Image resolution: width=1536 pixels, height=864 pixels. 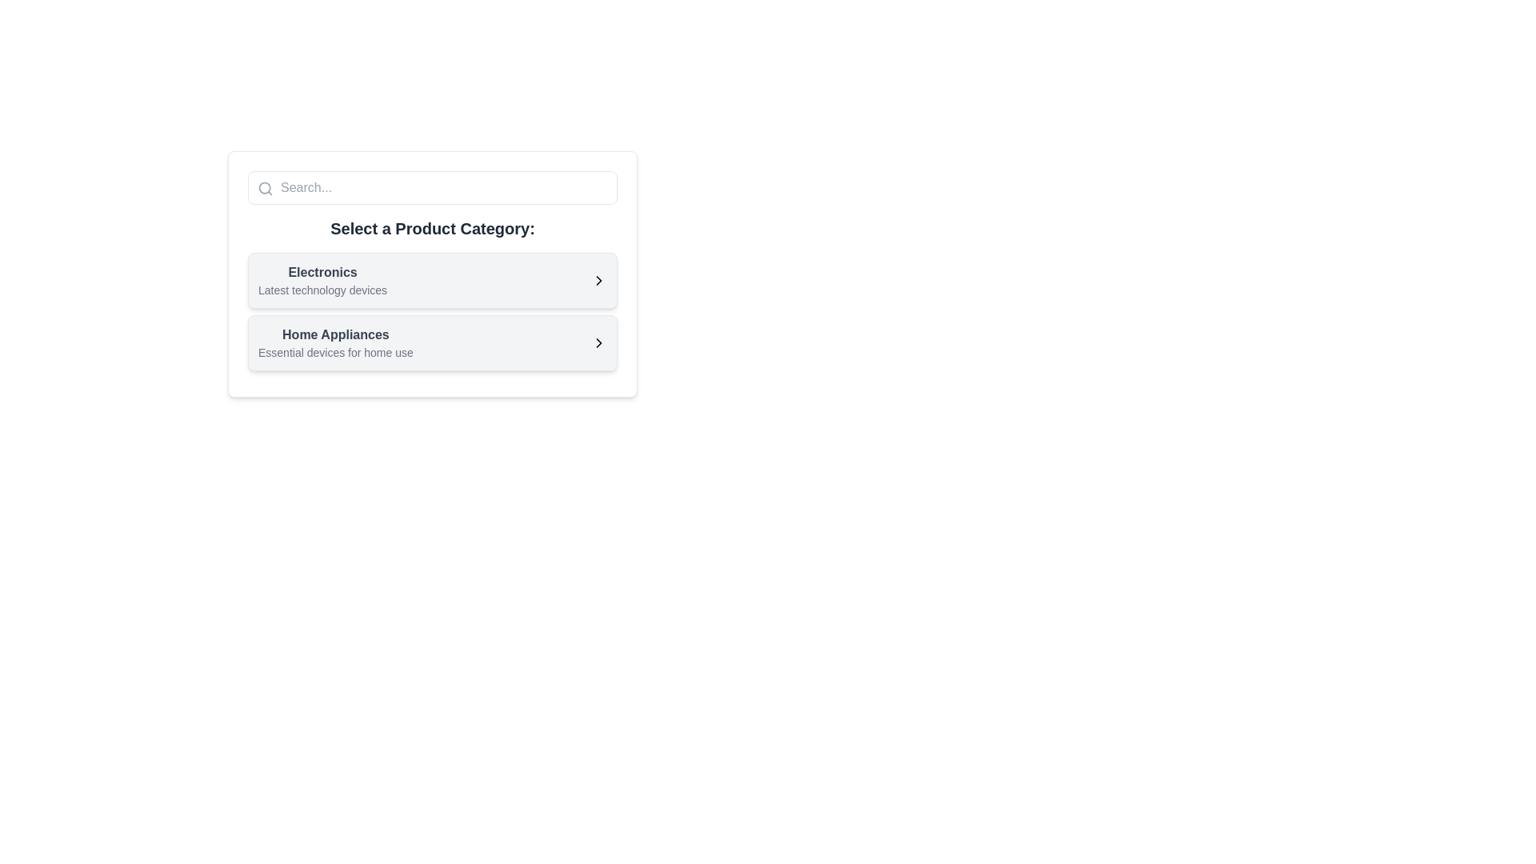 What do you see at coordinates (334, 351) in the screenshot?
I see `the Text Label (Subtitle) that provides additional context for 'Home Appliances', located underneath the main title in the second list item of the vertically stacked menu` at bounding box center [334, 351].